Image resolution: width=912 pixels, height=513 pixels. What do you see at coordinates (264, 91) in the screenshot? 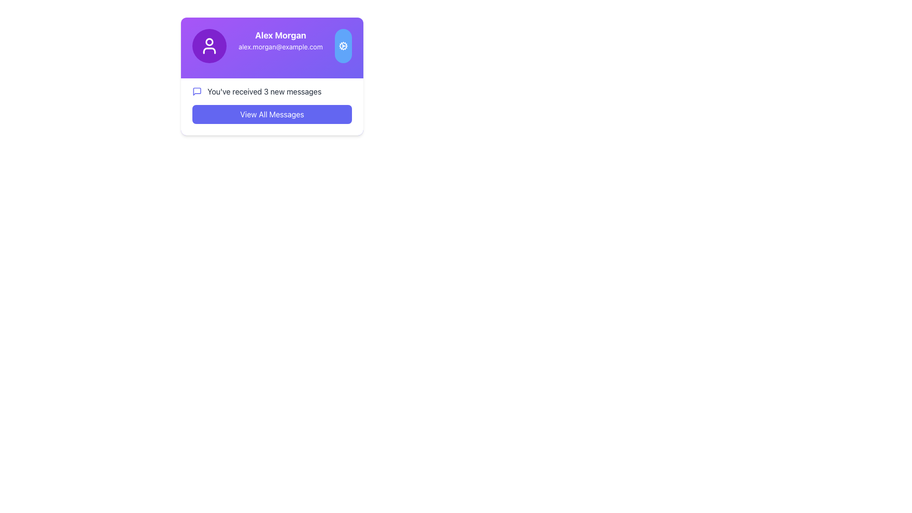
I see `the notification label displaying 'You've received 3 new messages', which is located beneath the user profile section and above the 'View All Messages' button` at bounding box center [264, 91].